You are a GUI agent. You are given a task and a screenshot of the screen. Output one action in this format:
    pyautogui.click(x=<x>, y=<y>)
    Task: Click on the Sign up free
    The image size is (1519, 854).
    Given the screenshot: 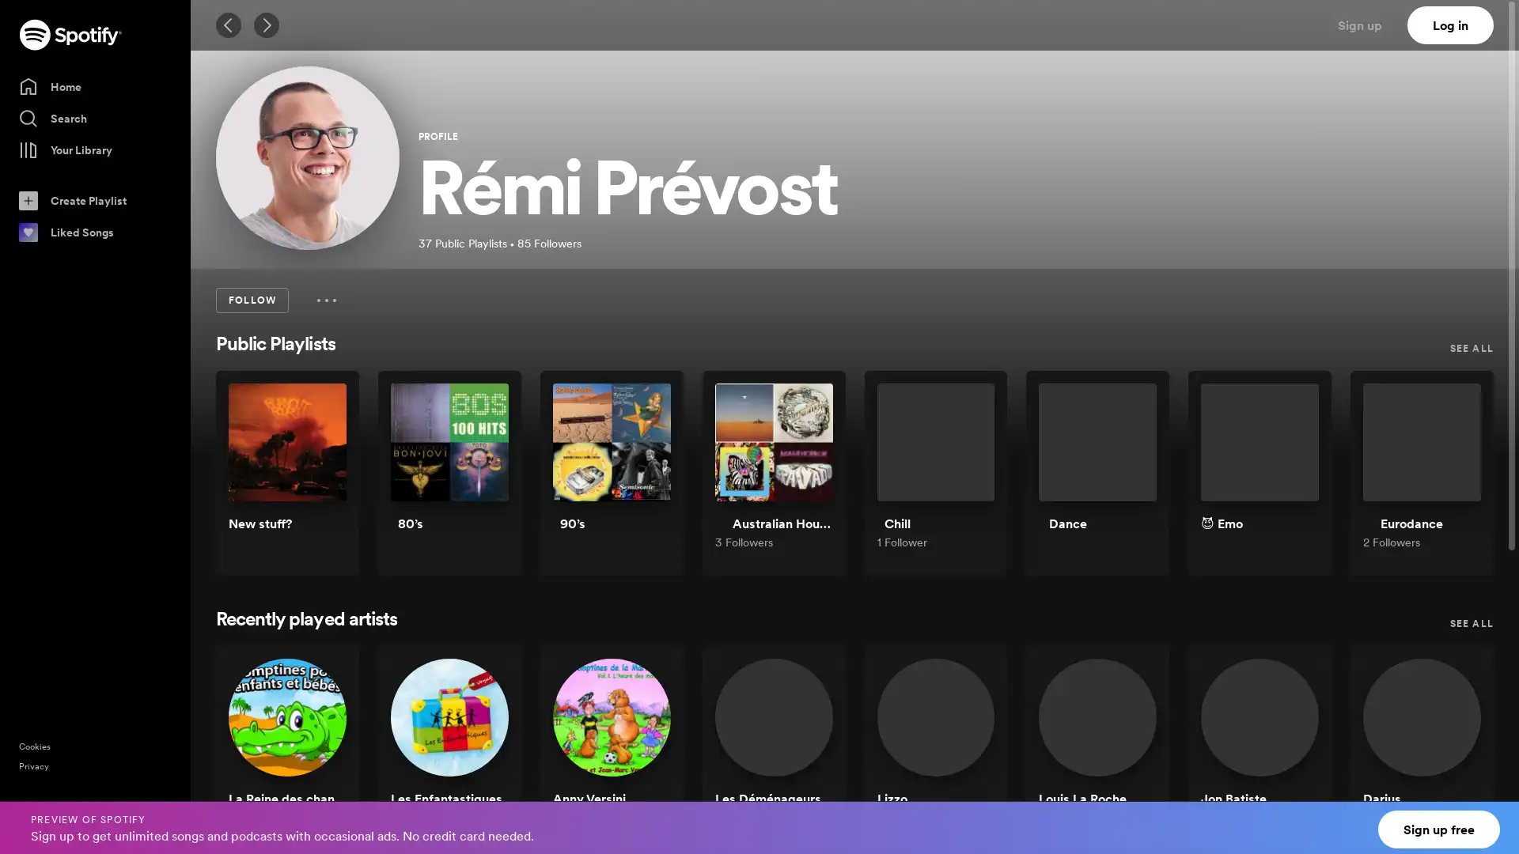 What is the action you would take?
    pyautogui.click(x=1439, y=829)
    